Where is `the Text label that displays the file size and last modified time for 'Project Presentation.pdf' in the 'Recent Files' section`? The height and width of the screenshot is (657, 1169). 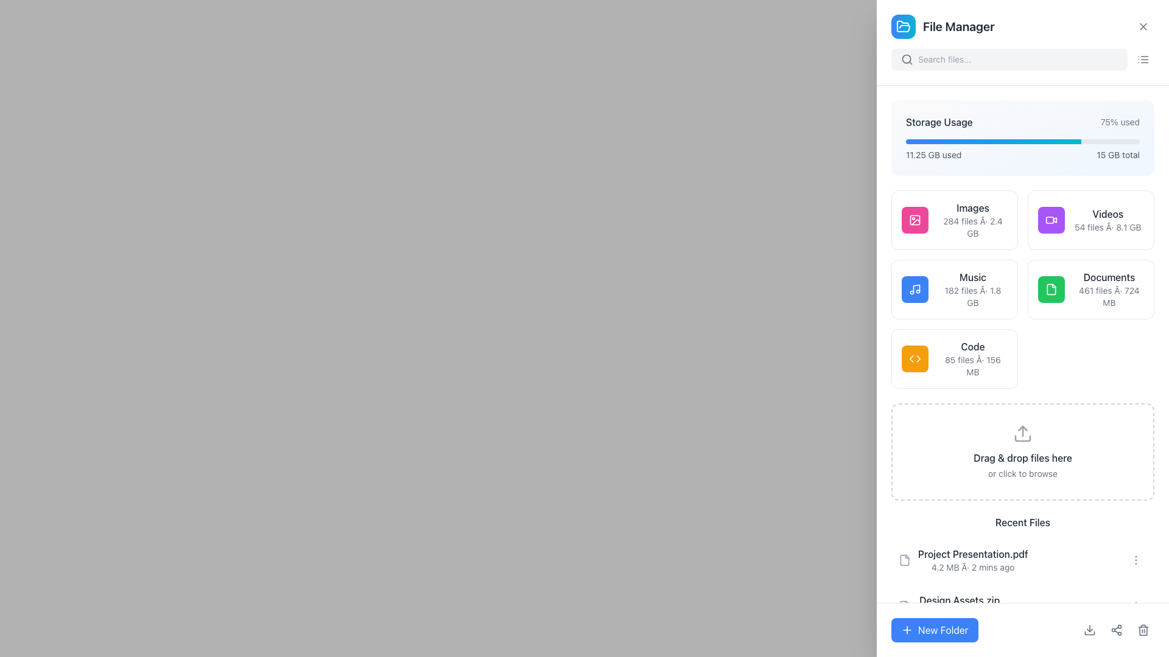 the Text label that displays the file size and last modified time for 'Project Presentation.pdf' in the 'Recent Files' section is located at coordinates (972, 568).